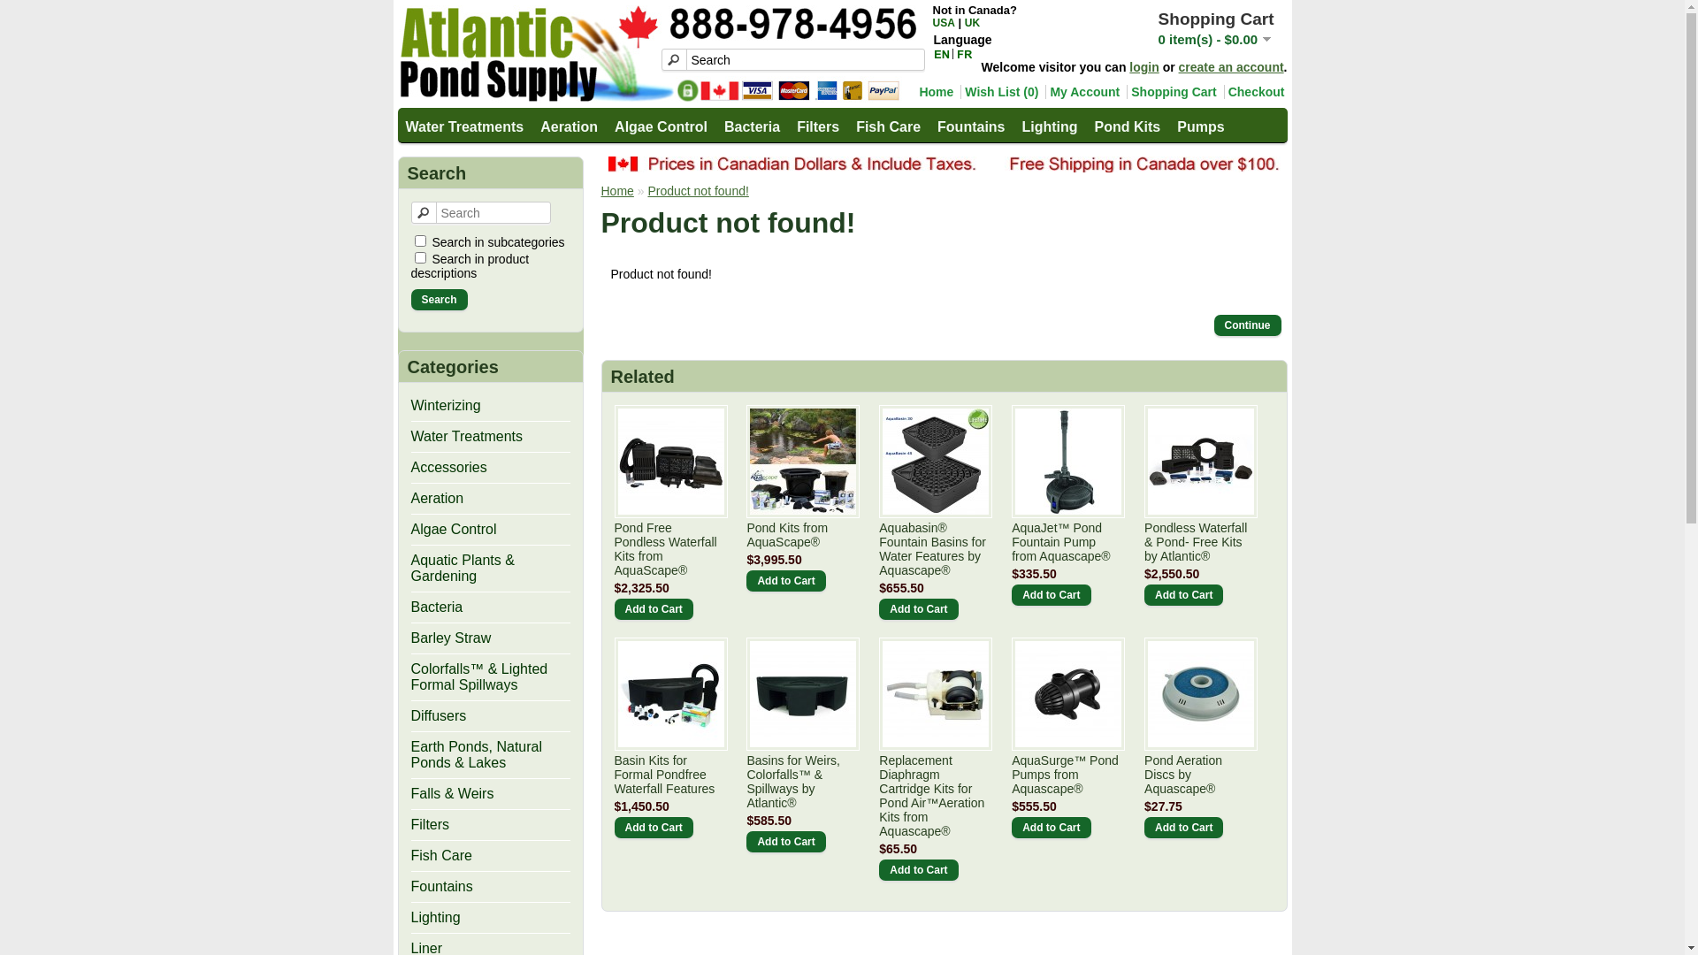  Describe the element at coordinates (1082, 92) in the screenshot. I see `'My Account'` at that location.